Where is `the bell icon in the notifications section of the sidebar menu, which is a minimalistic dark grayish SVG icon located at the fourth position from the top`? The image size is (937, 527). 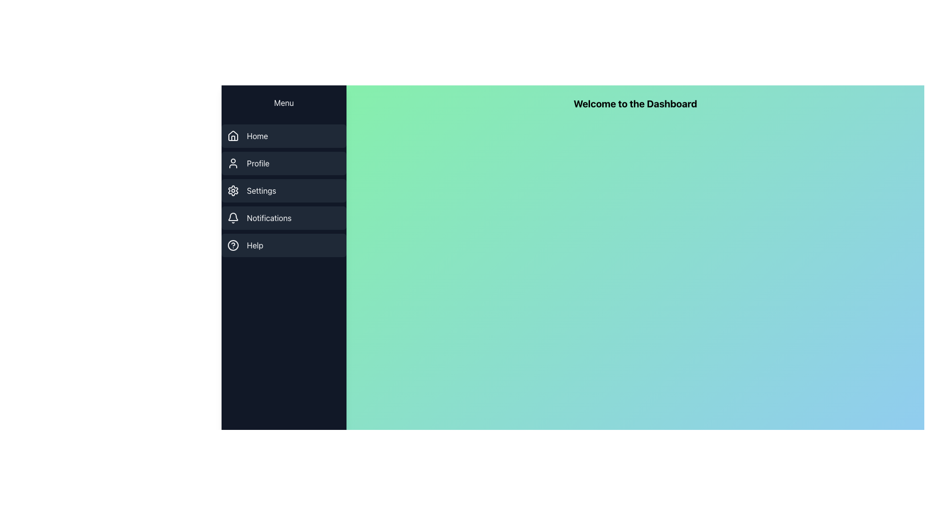 the bell icon in the notifications section of the sidebar menu, which is a minimalistic dark grayish SVG icon located at the fourth position from the top is located at coordinates (233, 216).